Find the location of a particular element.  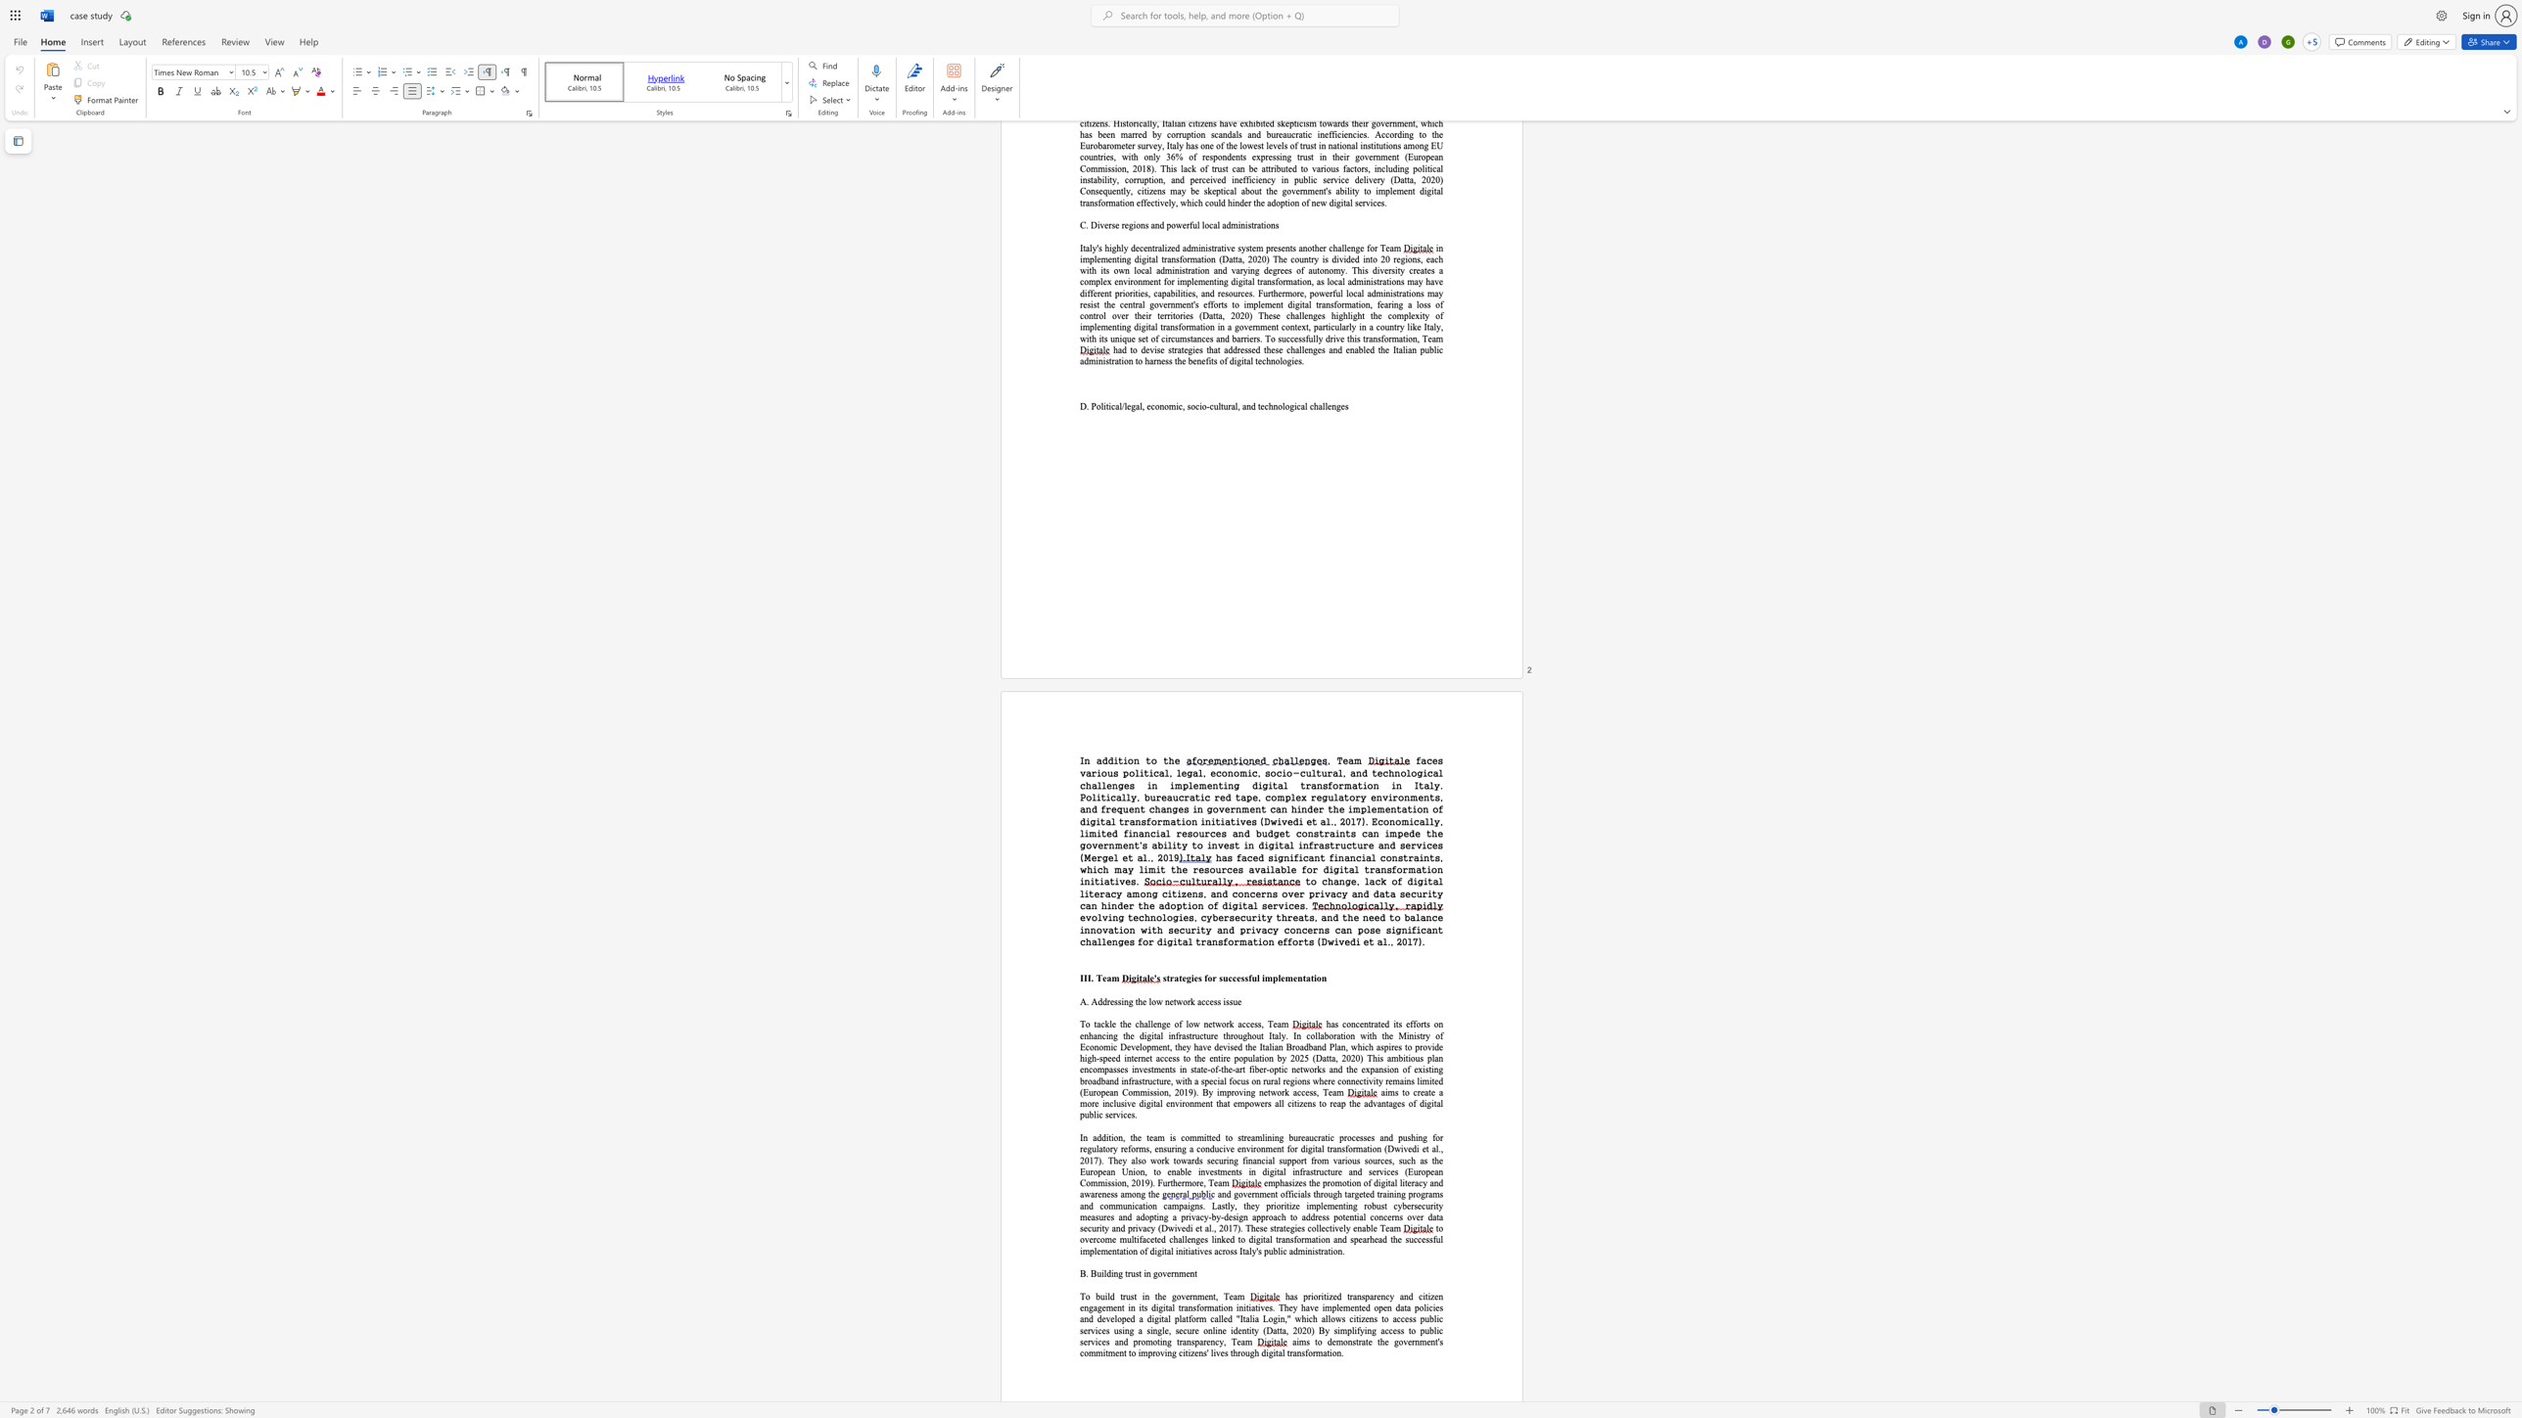

the space between the continuous character "v" and "e" in the text is located at coordinates (1186, 1296).